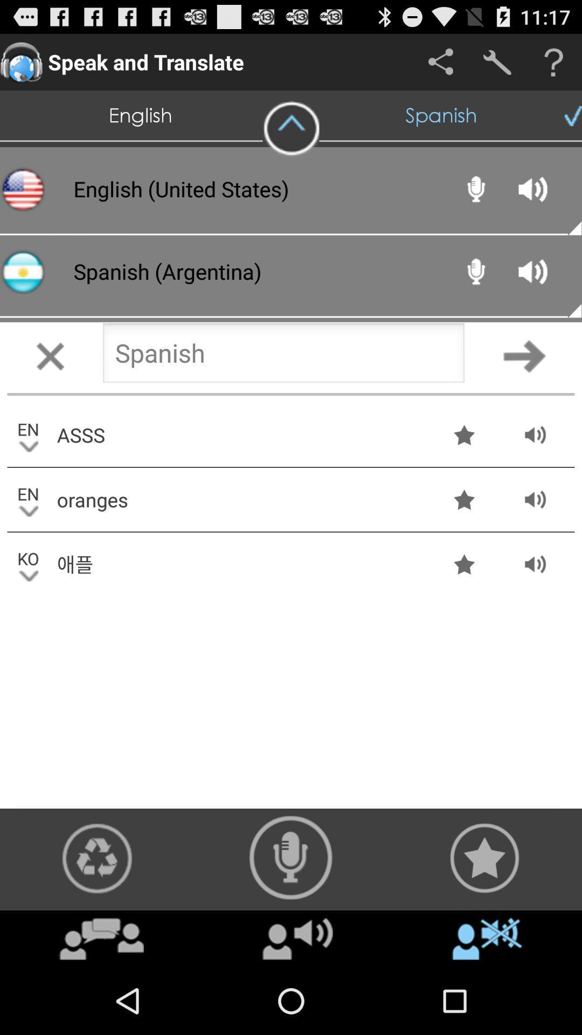 Image resolution: width=582 pixels, height=1035 pixels. What do you see at coordinates (97, 857) in the screenshot?
I see `refresh` at bounding box center [97, 857].